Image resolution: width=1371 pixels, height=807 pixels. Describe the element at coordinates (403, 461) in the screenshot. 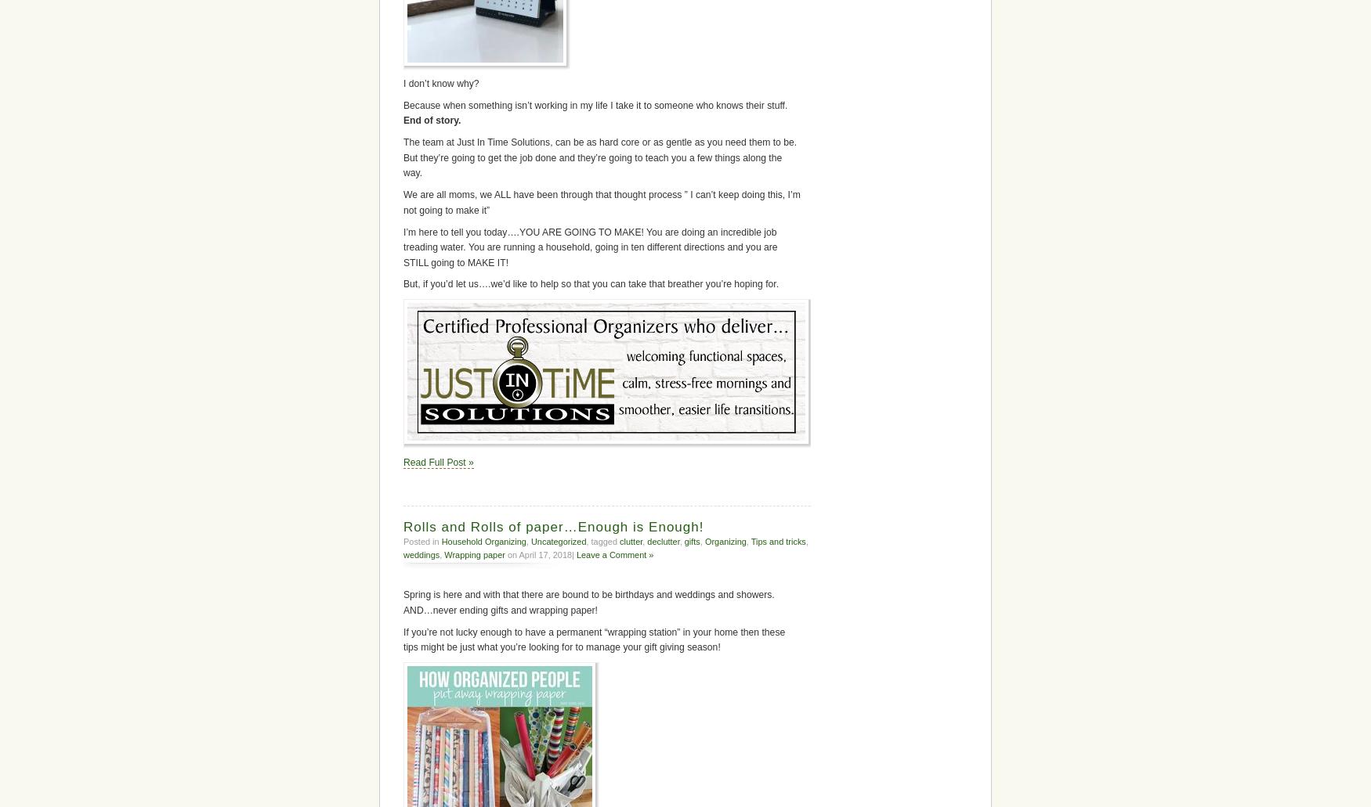

I see `'Read Full Post »'` at that location.